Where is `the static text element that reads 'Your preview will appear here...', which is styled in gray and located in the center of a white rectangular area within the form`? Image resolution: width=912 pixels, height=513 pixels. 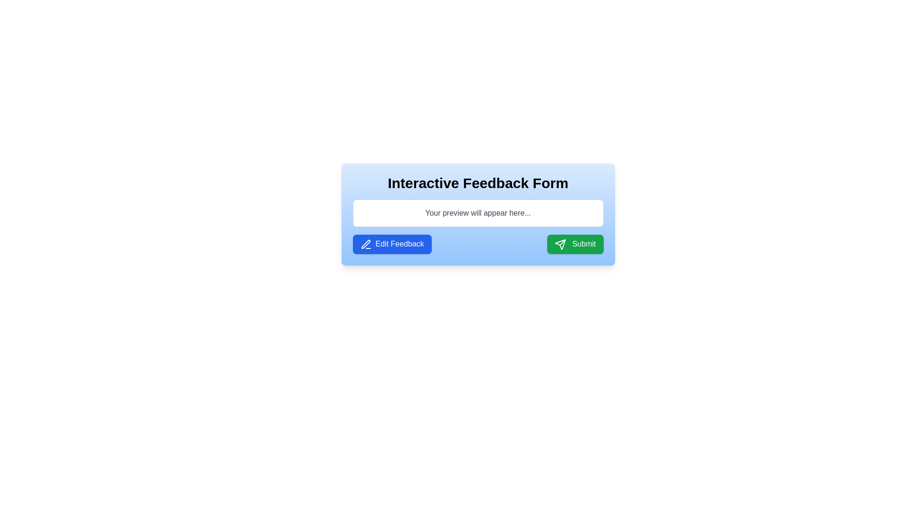
the static text element that reads 'Your preview will appear here...', which is styled in gray and located in the center of a white rectangular area within the form is located at coordinates (478, 212).